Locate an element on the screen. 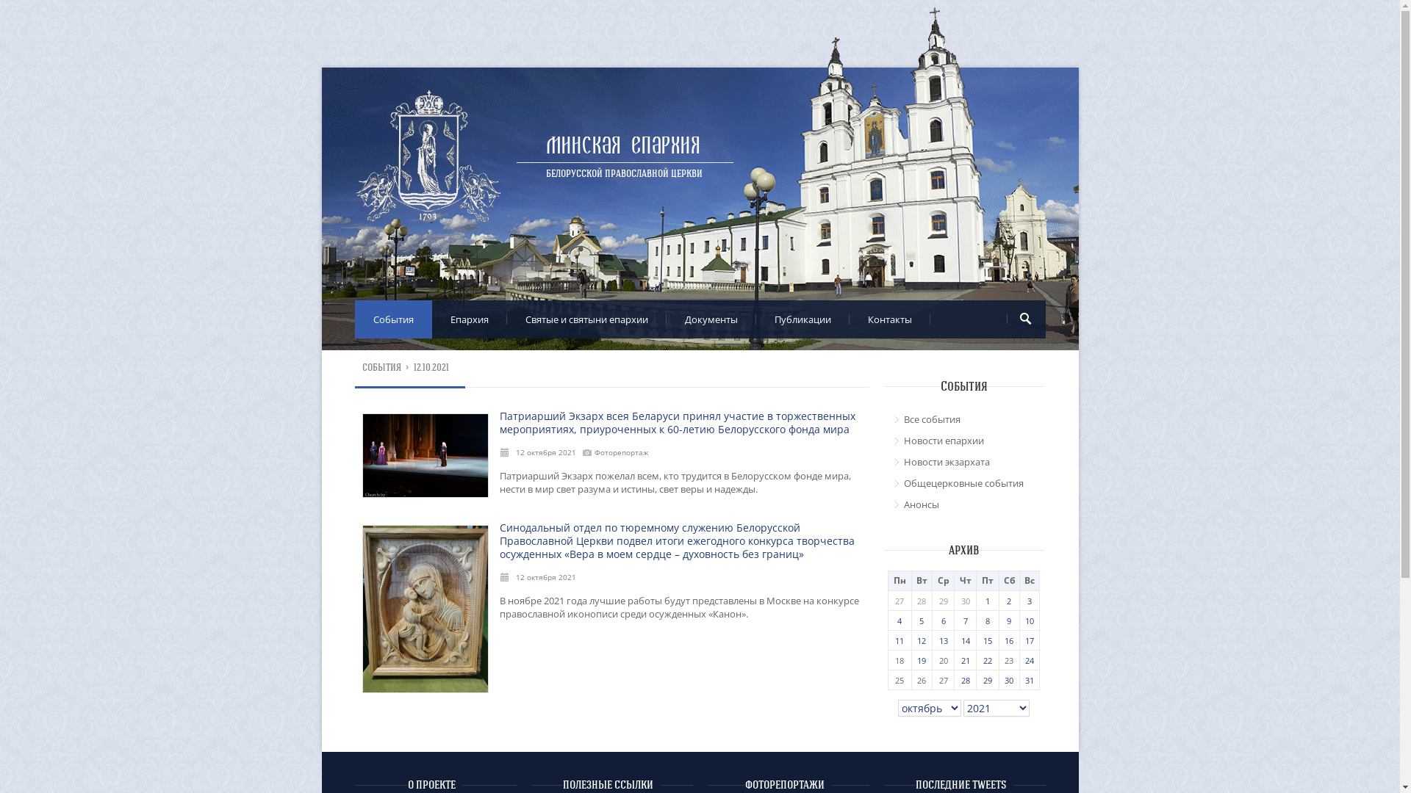  '9' is located at coordinates (1008, 620).